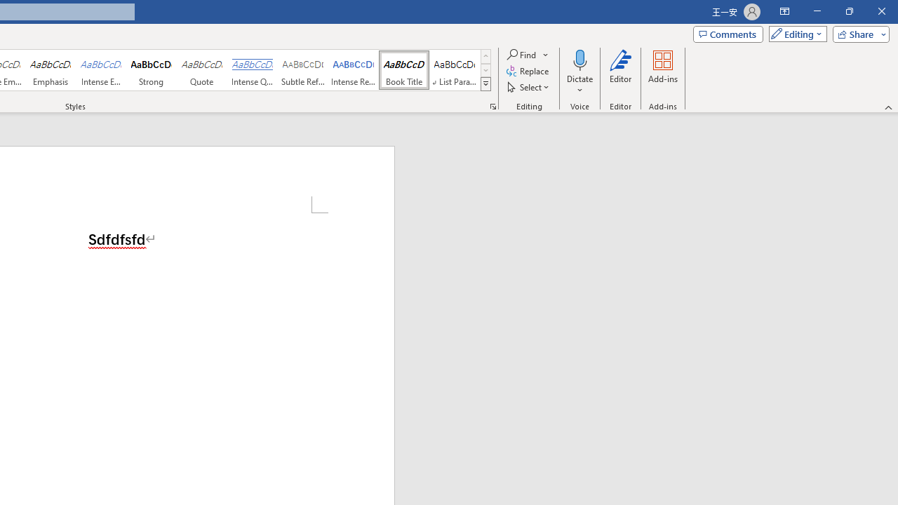 The image size is (898, 505). I want to click on 'Strong', so click(152, 70).